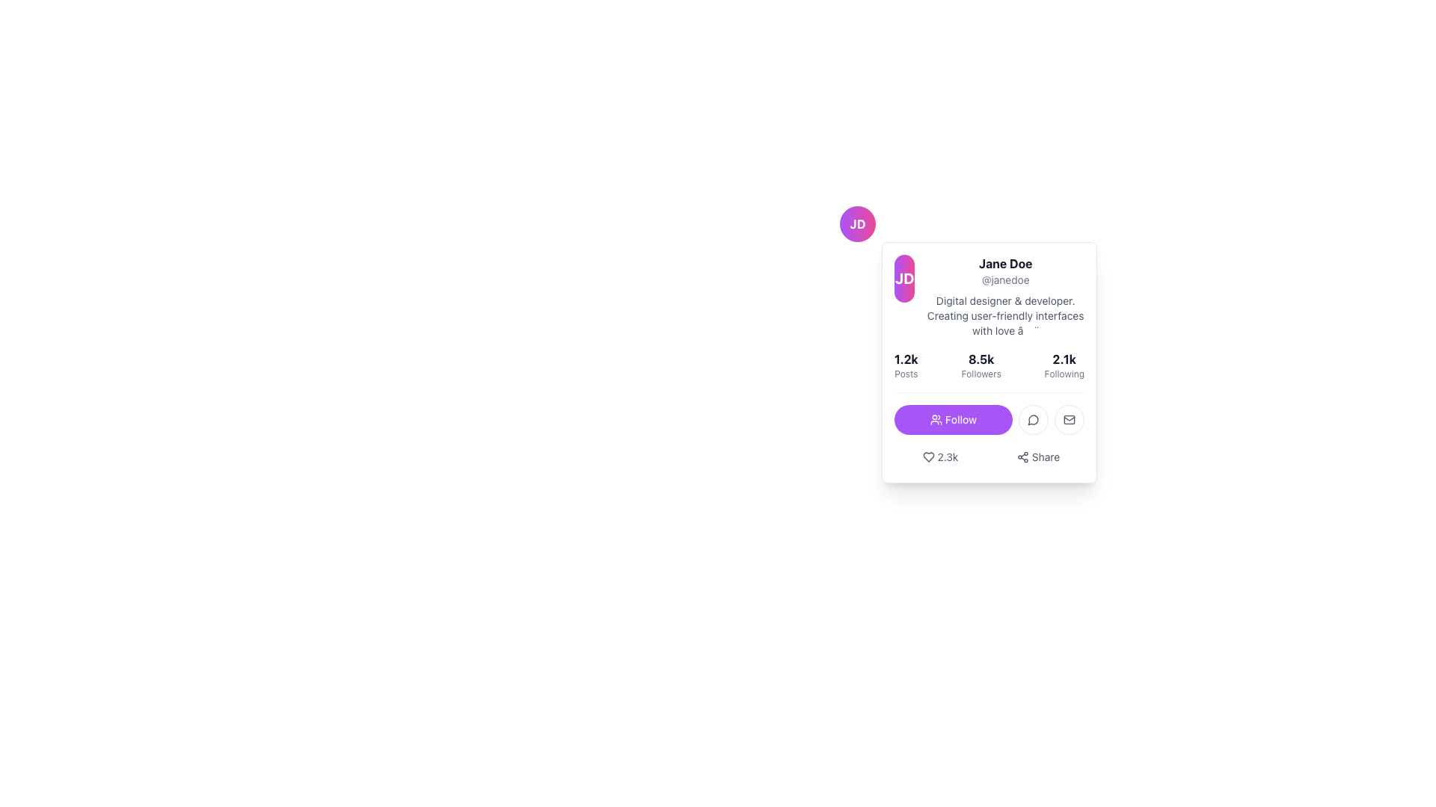 The width and height of the screenshot is (1436, 807). I want to click on the share button located in the bottom-right corner of the card component, adjacent to a heart-shaped icon and the text '2.3k', so click(1037, 457).